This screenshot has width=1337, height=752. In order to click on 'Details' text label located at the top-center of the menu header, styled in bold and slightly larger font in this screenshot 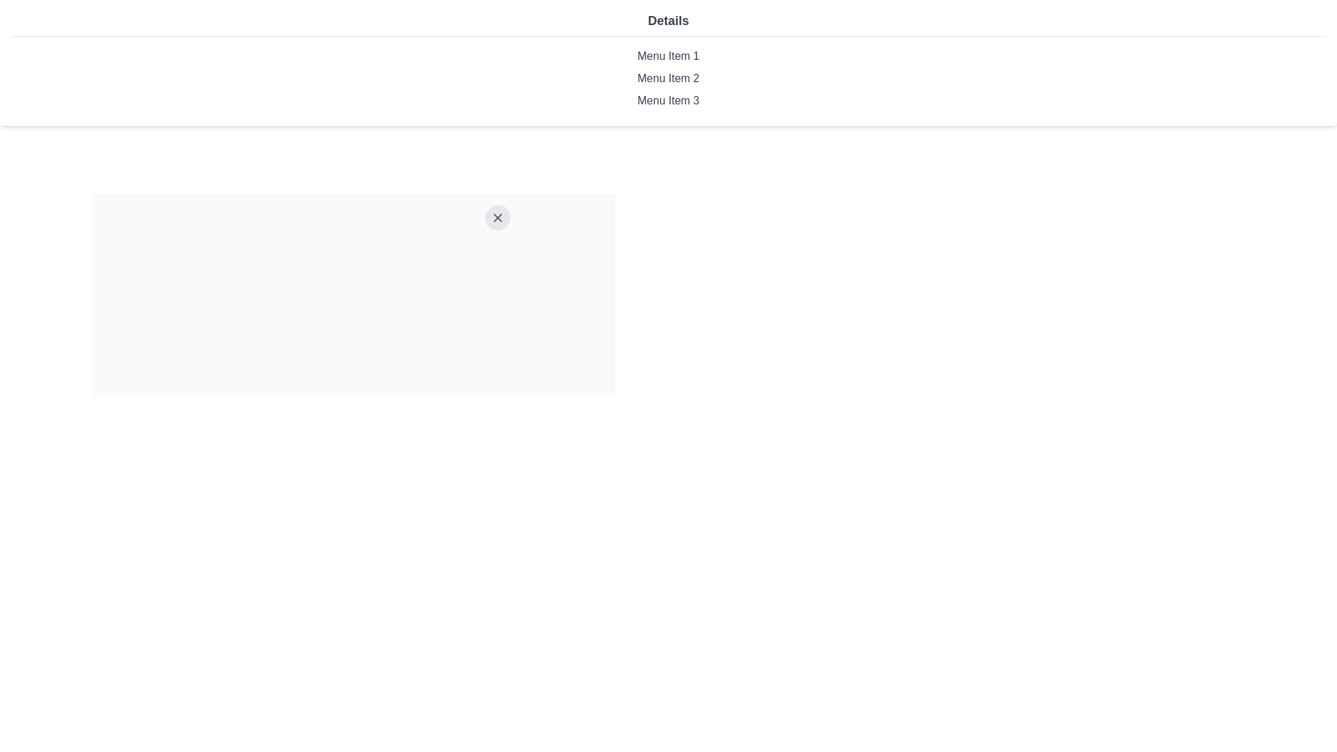, I will do `click(668, 24)`.